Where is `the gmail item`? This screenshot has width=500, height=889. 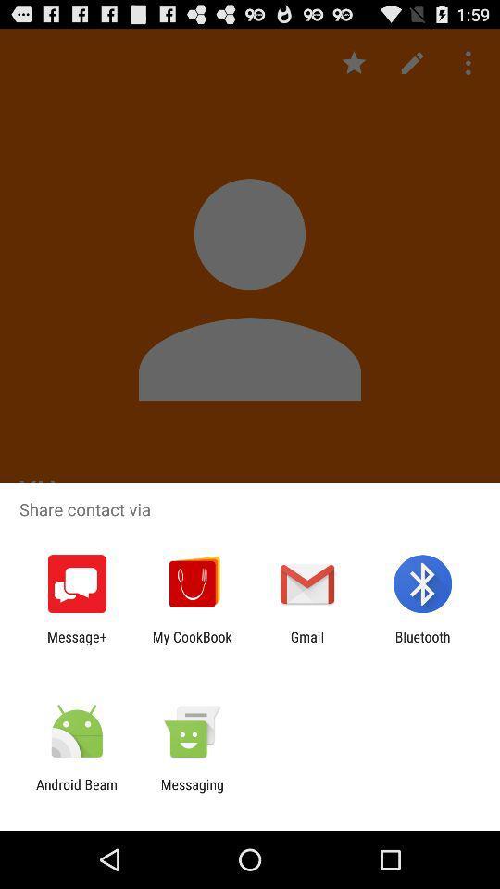
the gmail item is located at coordinates (307, 645).